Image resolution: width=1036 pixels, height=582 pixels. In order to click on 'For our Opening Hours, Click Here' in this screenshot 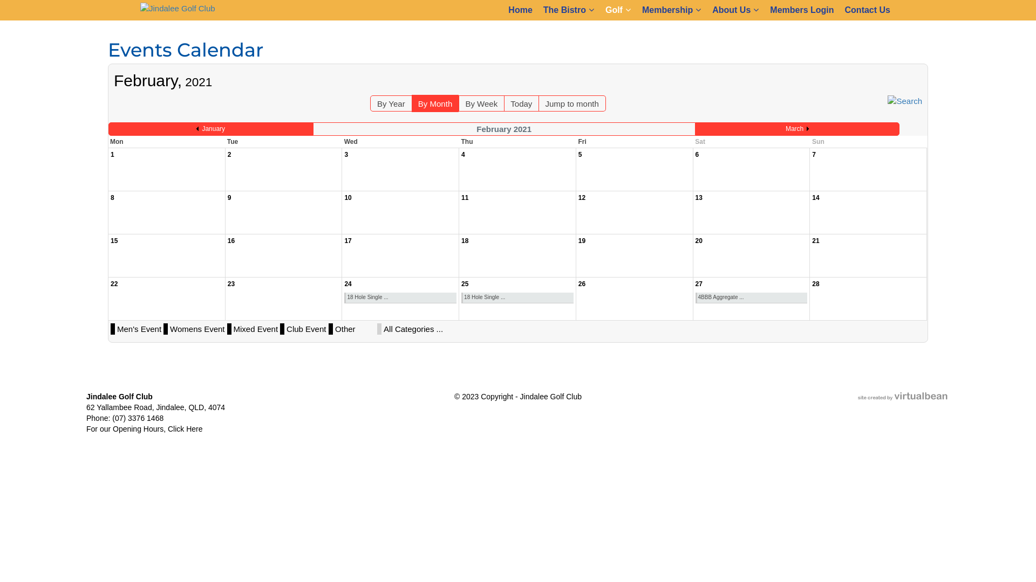, I will do `click(144, 428)`.